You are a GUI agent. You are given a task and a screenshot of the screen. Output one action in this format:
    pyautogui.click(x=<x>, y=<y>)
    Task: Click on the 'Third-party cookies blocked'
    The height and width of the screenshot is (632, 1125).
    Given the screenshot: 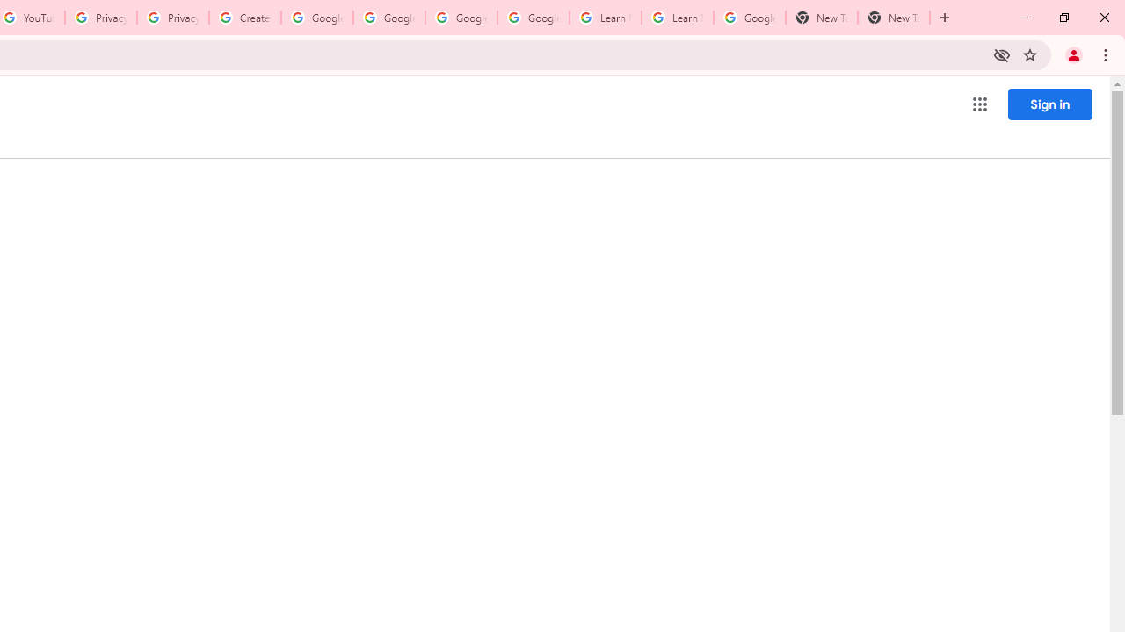 What is the action you would take?
    pyautogui.click(x=1001, y=54)
    